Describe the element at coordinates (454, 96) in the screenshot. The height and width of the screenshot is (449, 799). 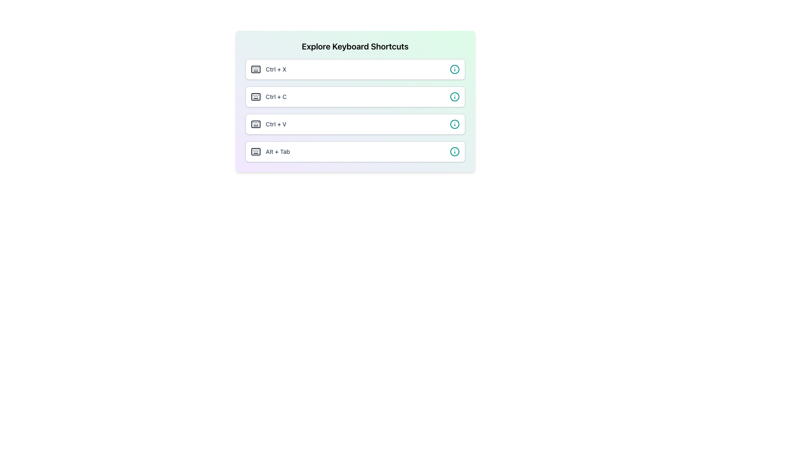
I see `the circular information icon` at that location.